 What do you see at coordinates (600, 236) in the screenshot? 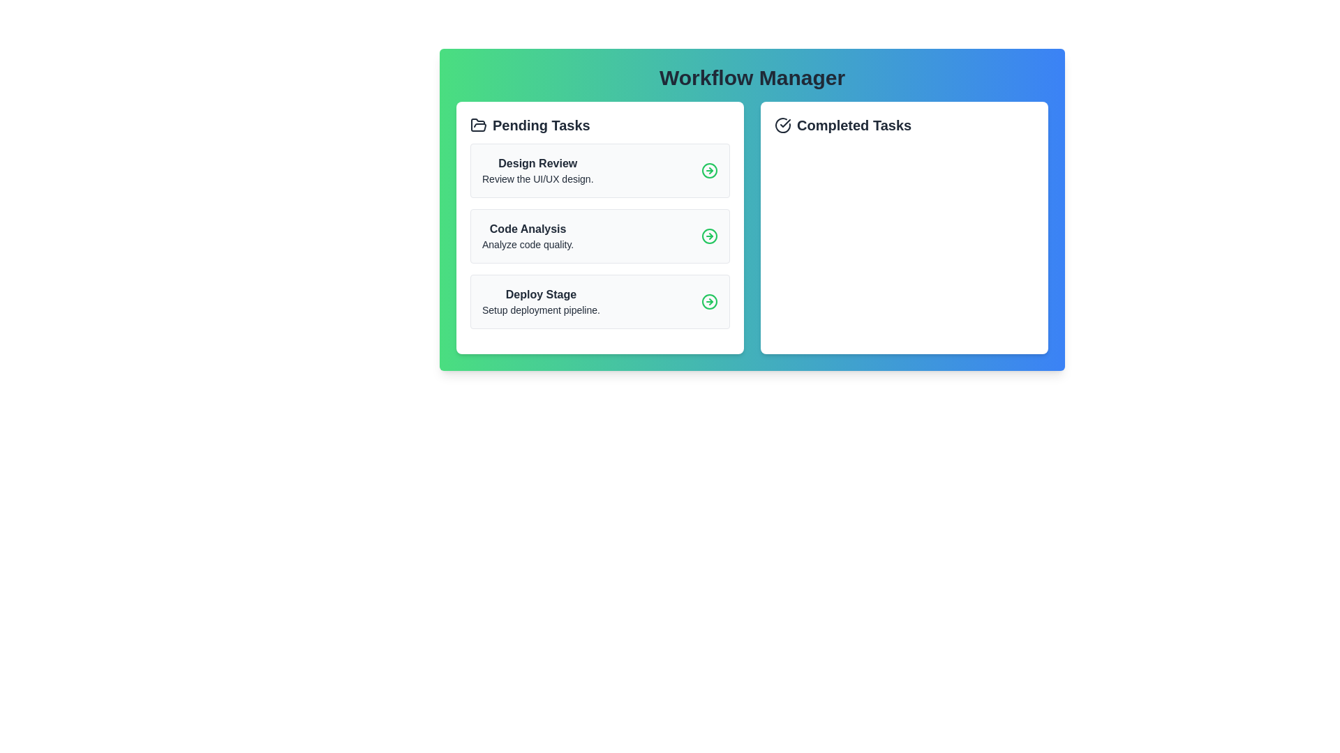
I see `the 'Code Analysis' task item located` at bounding box center [600, 236].